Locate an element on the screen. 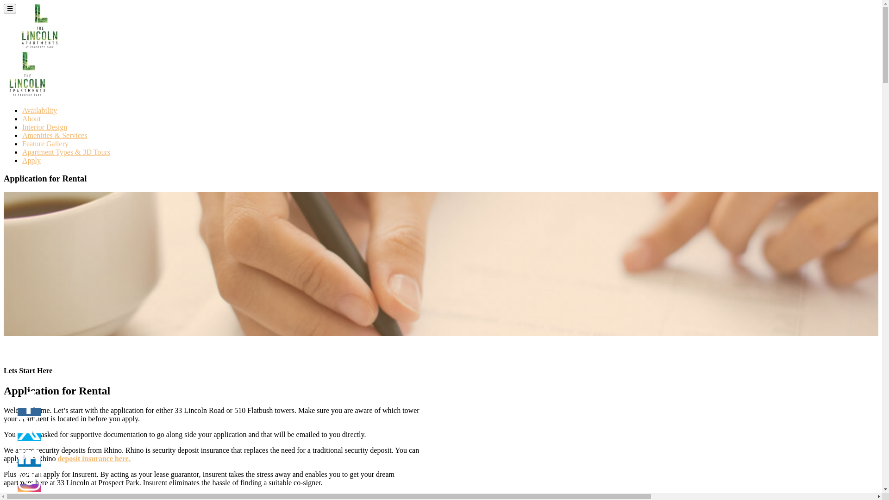 The width and height of the screenshot is (889, 500). 'Feature Gallery' is located at coordinates (22, 144).